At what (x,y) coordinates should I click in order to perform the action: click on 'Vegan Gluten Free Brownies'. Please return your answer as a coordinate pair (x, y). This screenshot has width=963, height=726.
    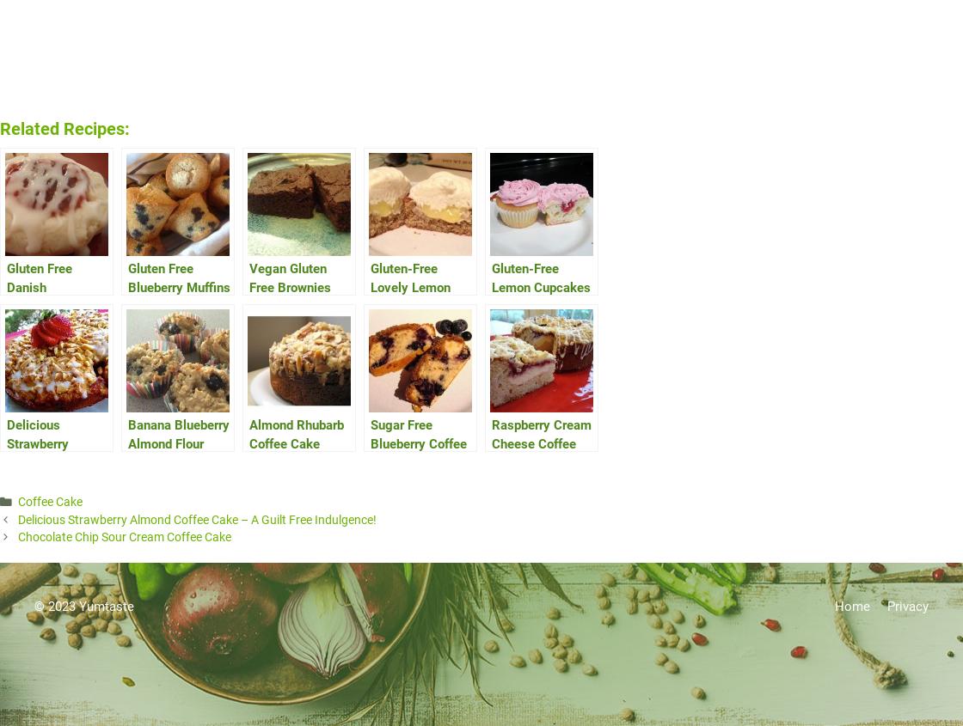
    Looking at the image, I should click on (290, 278).